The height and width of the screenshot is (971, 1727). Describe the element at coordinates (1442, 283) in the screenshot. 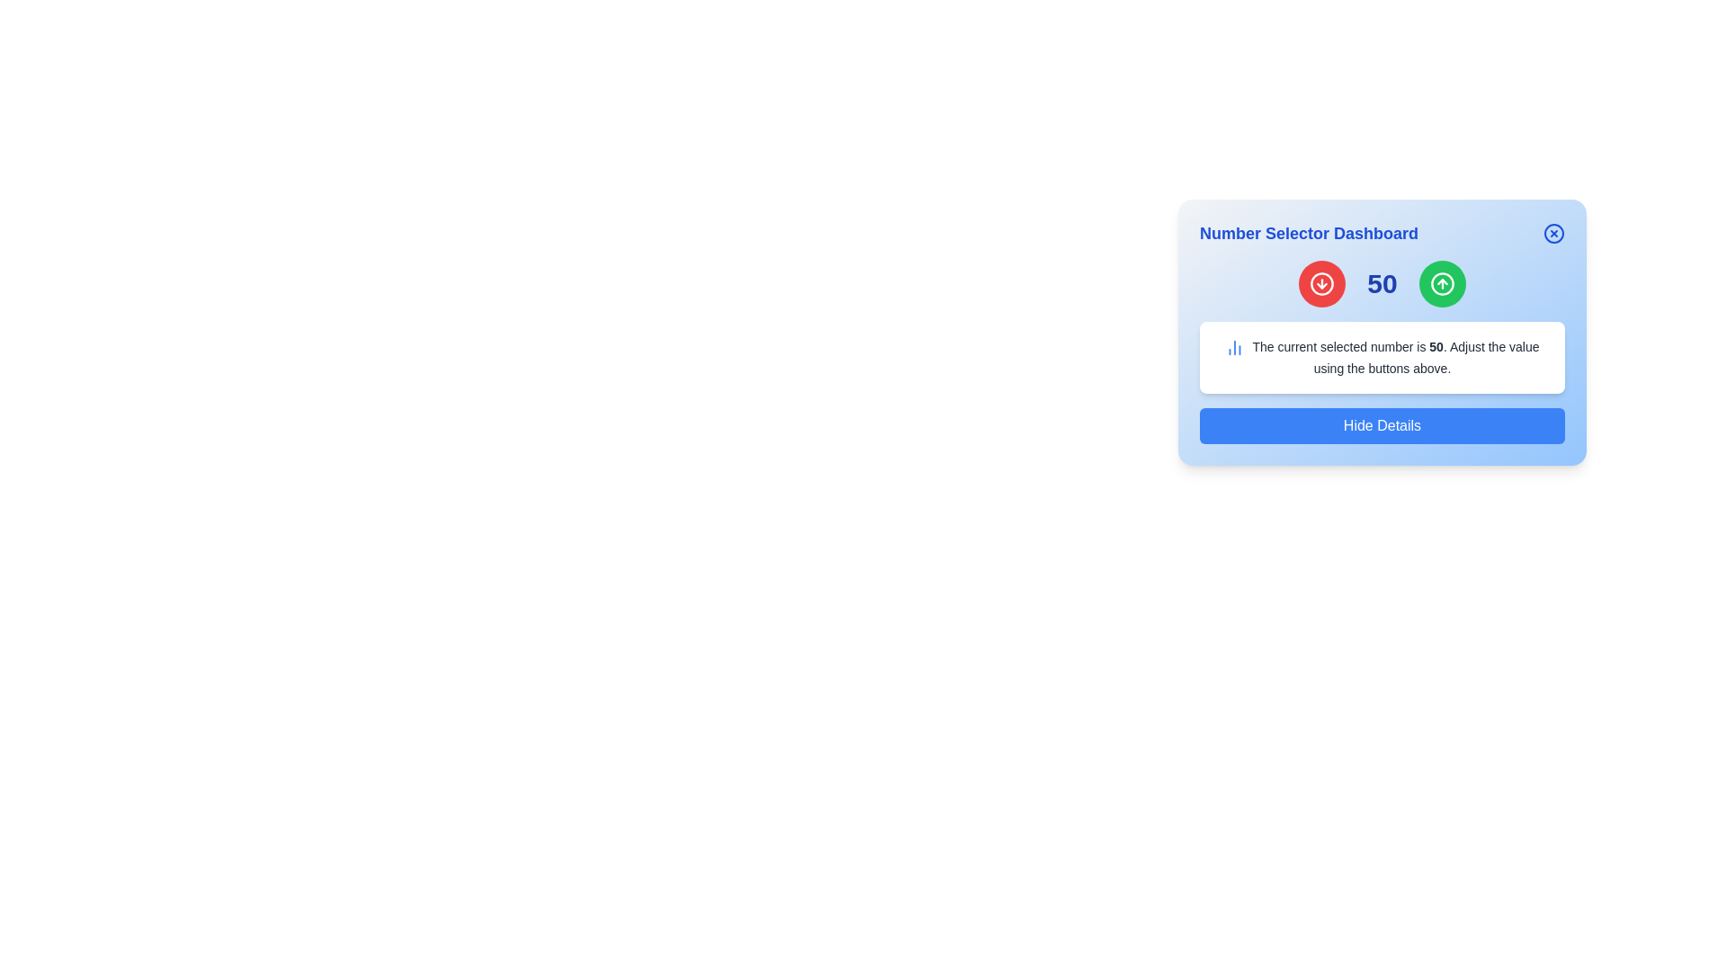

I see `the increment button located on the right side of a horizontal grouping of controls, next to the numeric display '50' and the downward-pointing arrow button` at that location.